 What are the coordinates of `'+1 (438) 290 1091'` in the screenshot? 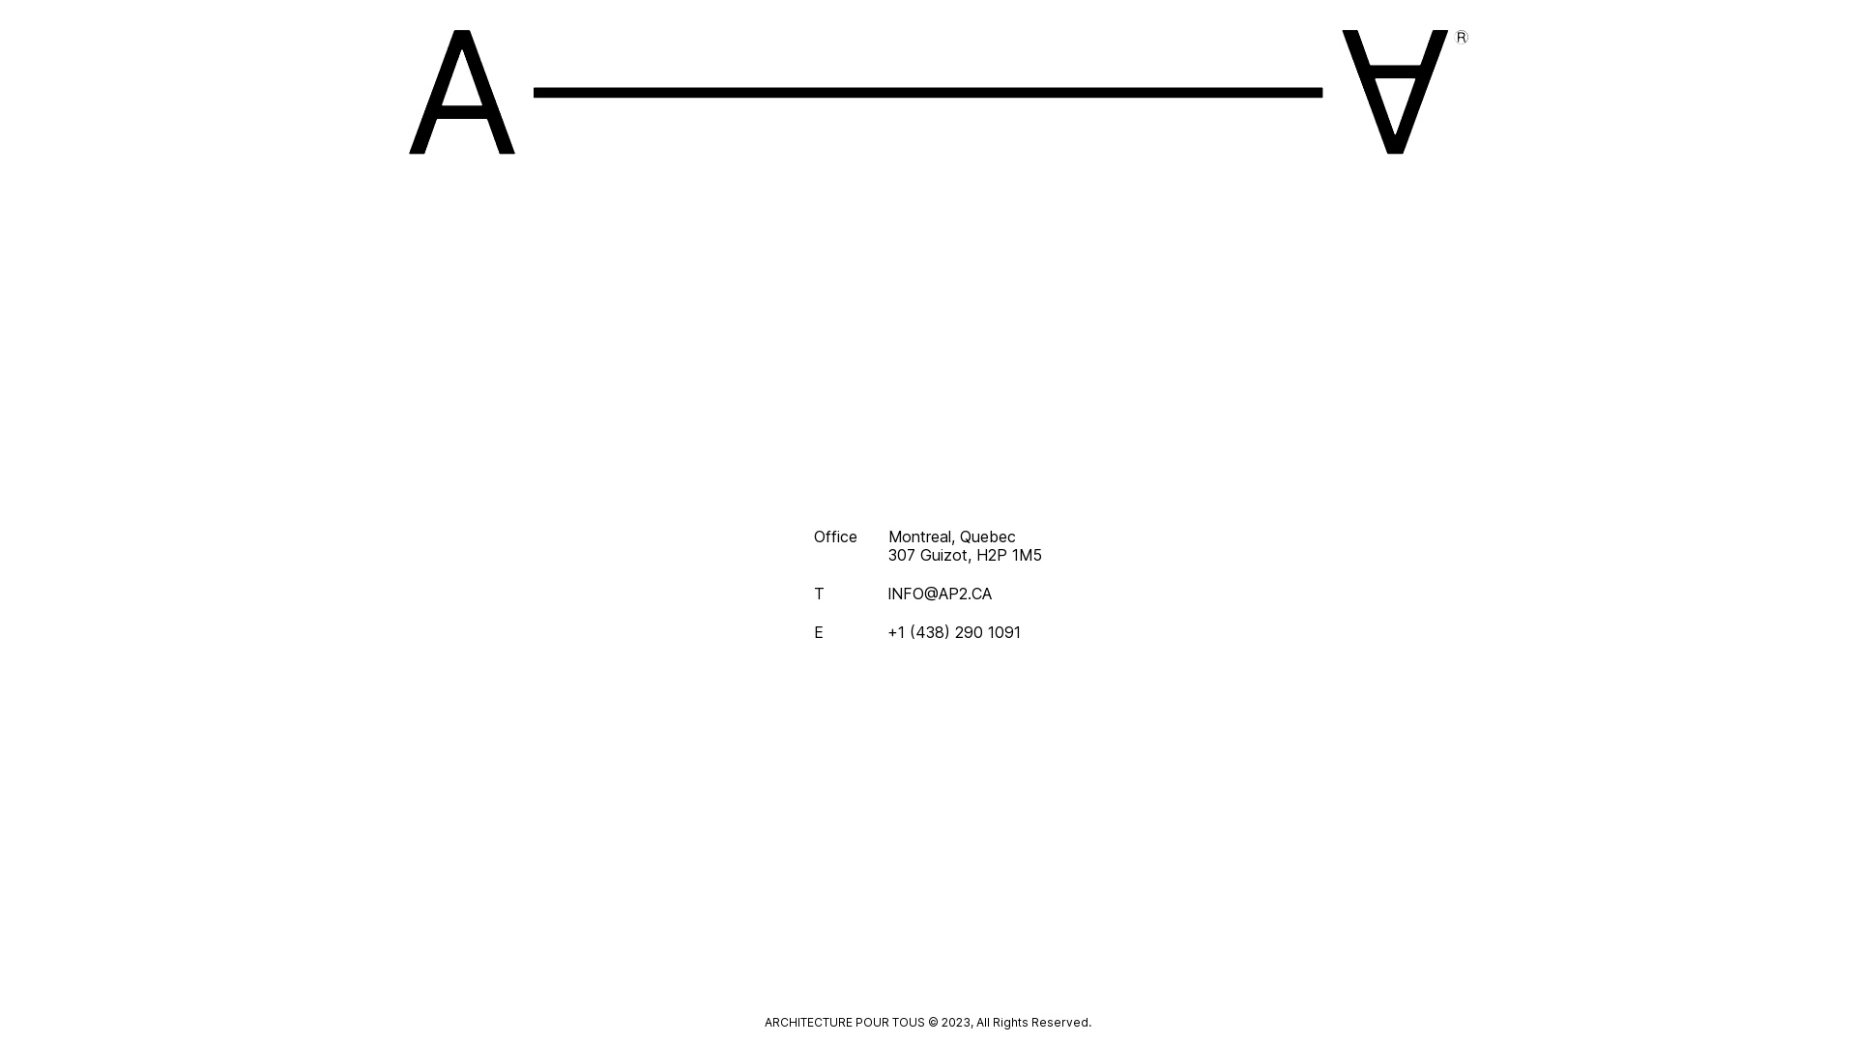 It's located at (965, 632).